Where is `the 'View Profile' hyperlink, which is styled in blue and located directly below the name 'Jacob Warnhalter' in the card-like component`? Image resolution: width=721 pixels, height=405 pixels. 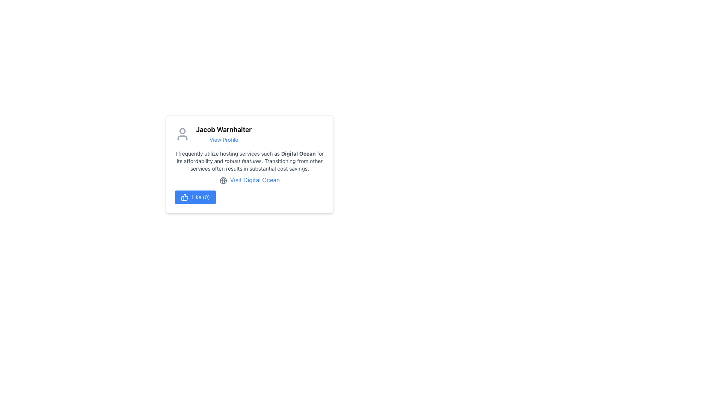 the 'View Profile' hyperlink, which is styled in blue and located directly below the name 'Jacob Warnhalter' in the card-like component is located at coordinates (223, 139).